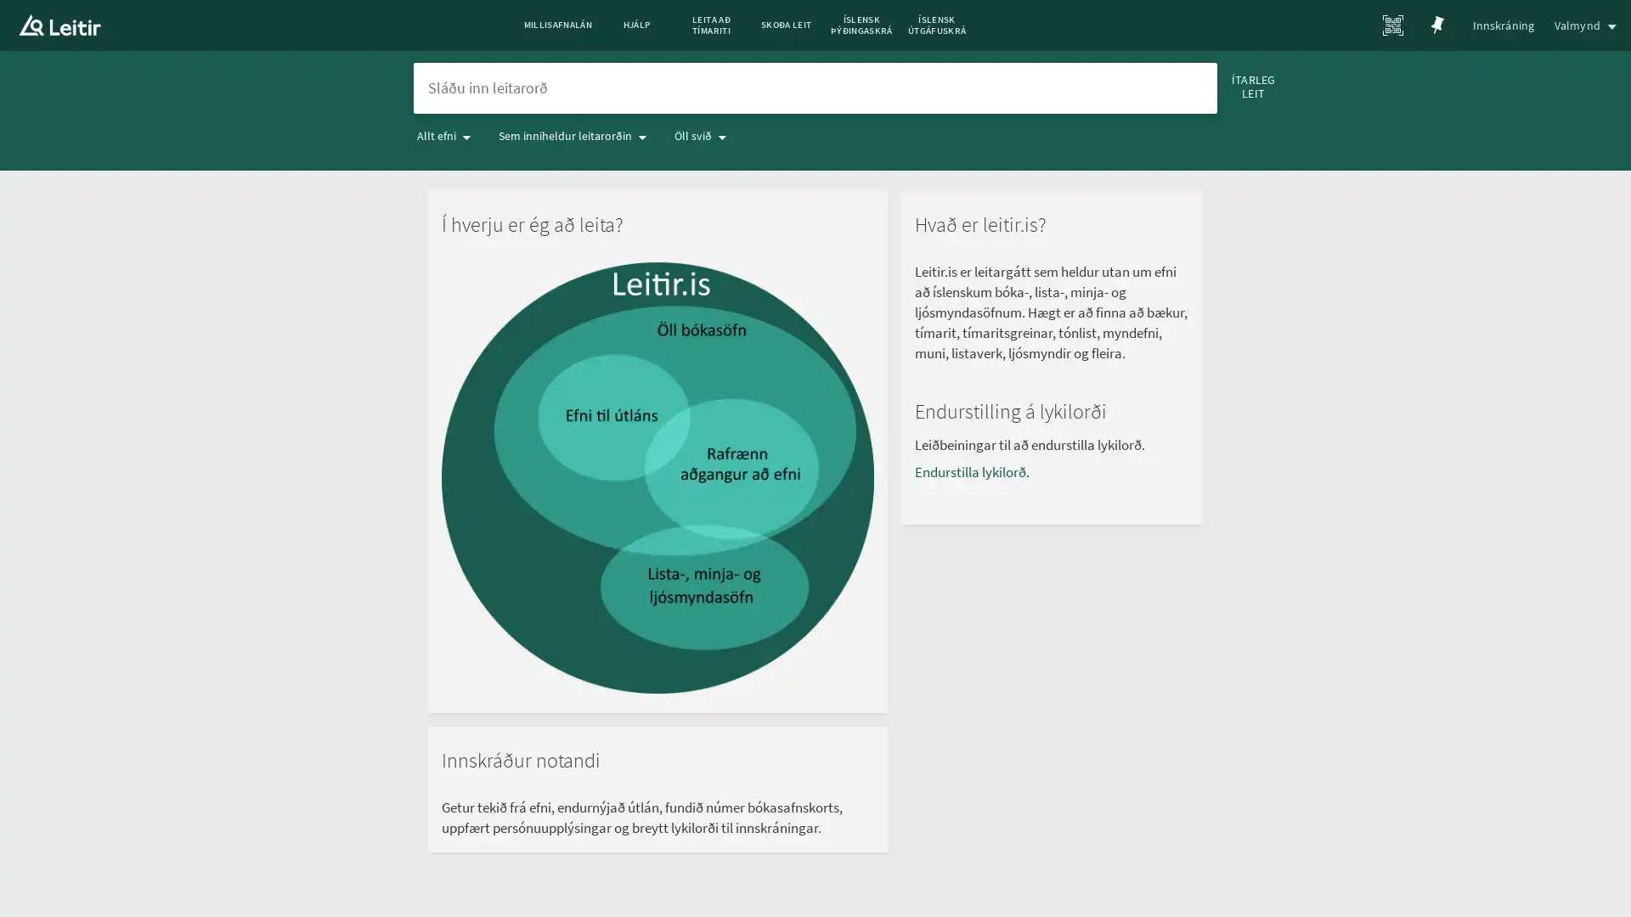 The image size is (1631, 917). Describe the element at coordinates (1393, 25) in the screenshot. I see `qr` at that location.